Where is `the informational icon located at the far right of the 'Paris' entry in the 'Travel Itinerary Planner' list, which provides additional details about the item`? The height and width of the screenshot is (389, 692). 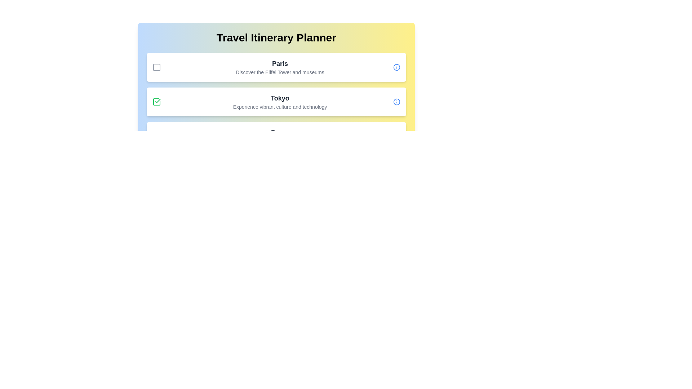
the informational icon located at the far right of the 'Paris' entry in the 'Travel Itinerary Planner' list, which provides additional details about the item is located at coordinates (396, 67).